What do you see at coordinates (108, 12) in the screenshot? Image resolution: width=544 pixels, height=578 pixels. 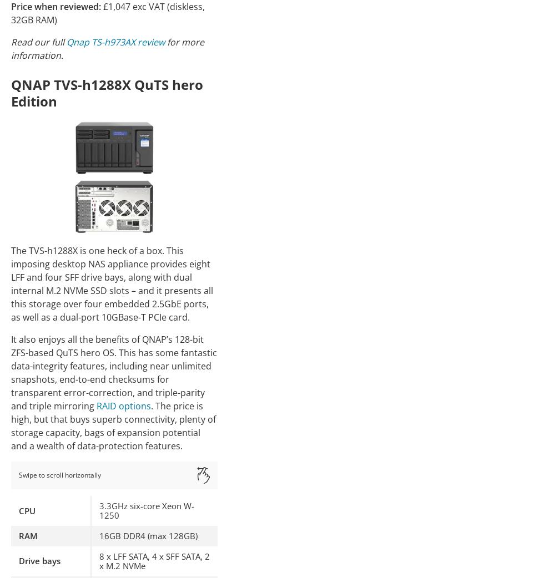 I see `'£1,047 exc VAT (diskless, 32GB RAM)'` at bounding box center [108, 12].